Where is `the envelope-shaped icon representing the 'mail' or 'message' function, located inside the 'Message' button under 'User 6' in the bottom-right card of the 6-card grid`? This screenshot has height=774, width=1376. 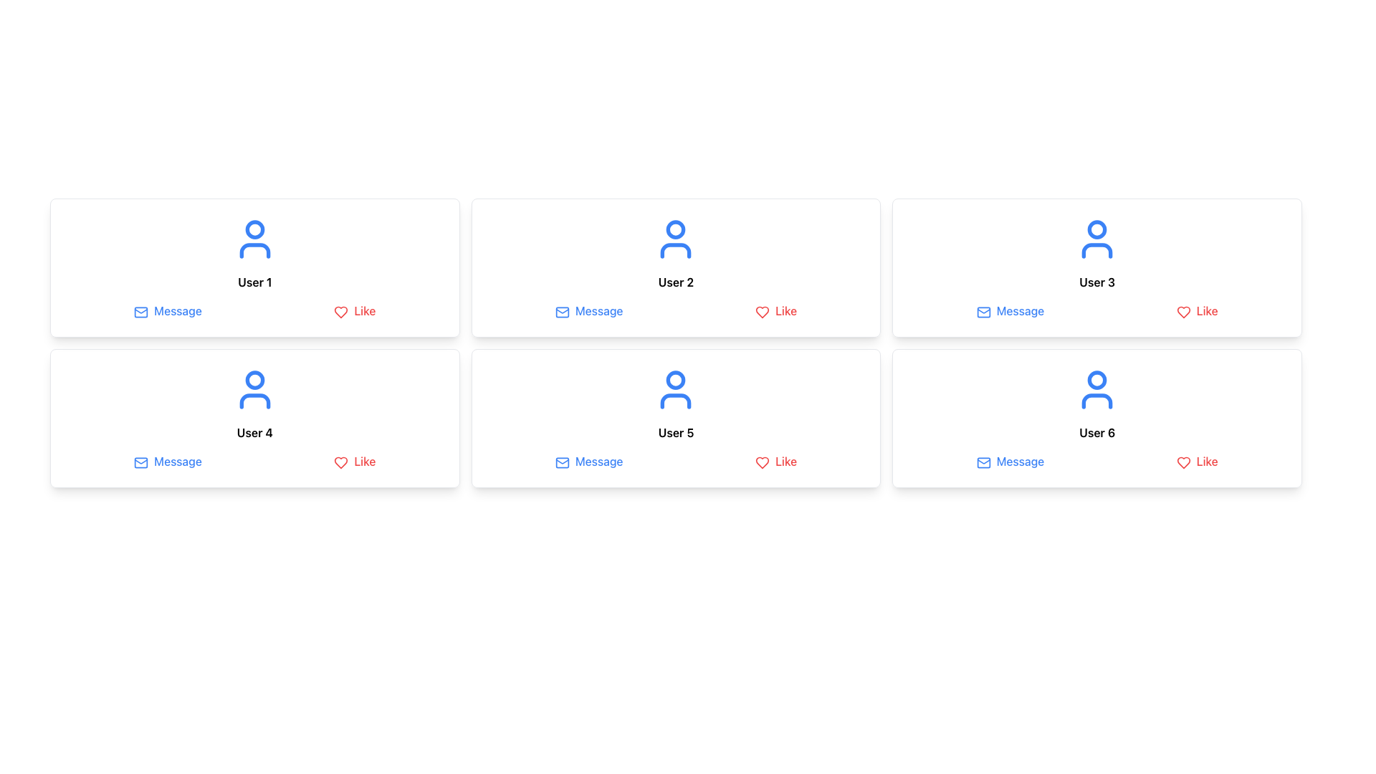
the envelope-shaped icon representing the 'mail' or 'message' function, located inside the 'Message' button under 'User 6' in the bottom-right card of the 6-card grid is located at coordinates (983, 462).